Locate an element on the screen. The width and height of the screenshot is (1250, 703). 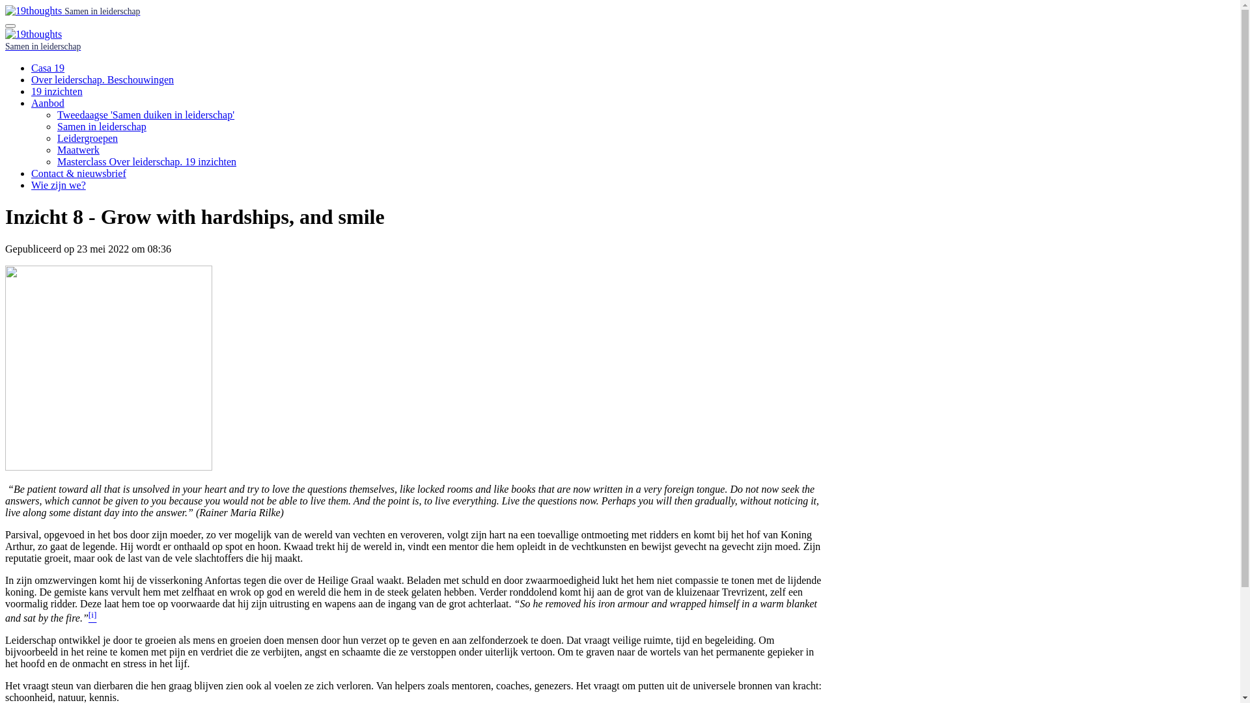
'Over leiderschap. Beschouwingen' is located at coordinates (31, 79).